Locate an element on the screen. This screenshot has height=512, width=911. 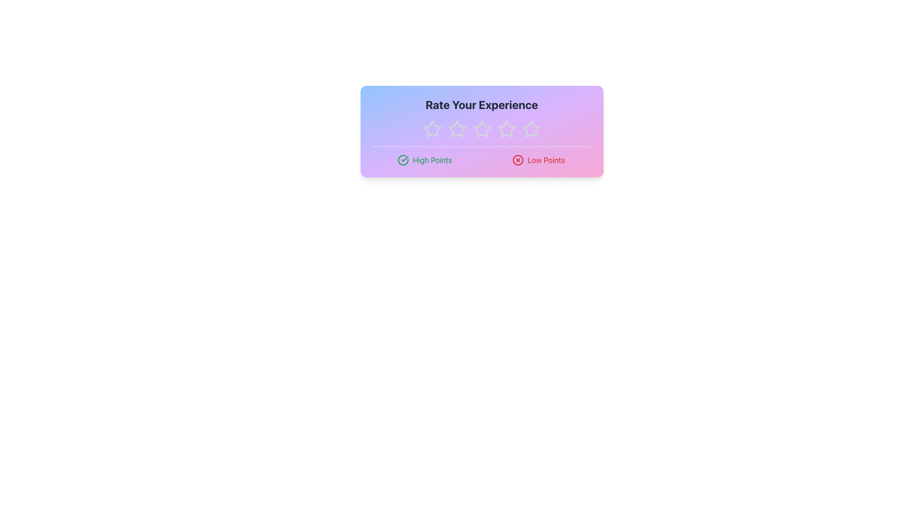
the fourth star in the rating system is located at coordinates (530, 129).